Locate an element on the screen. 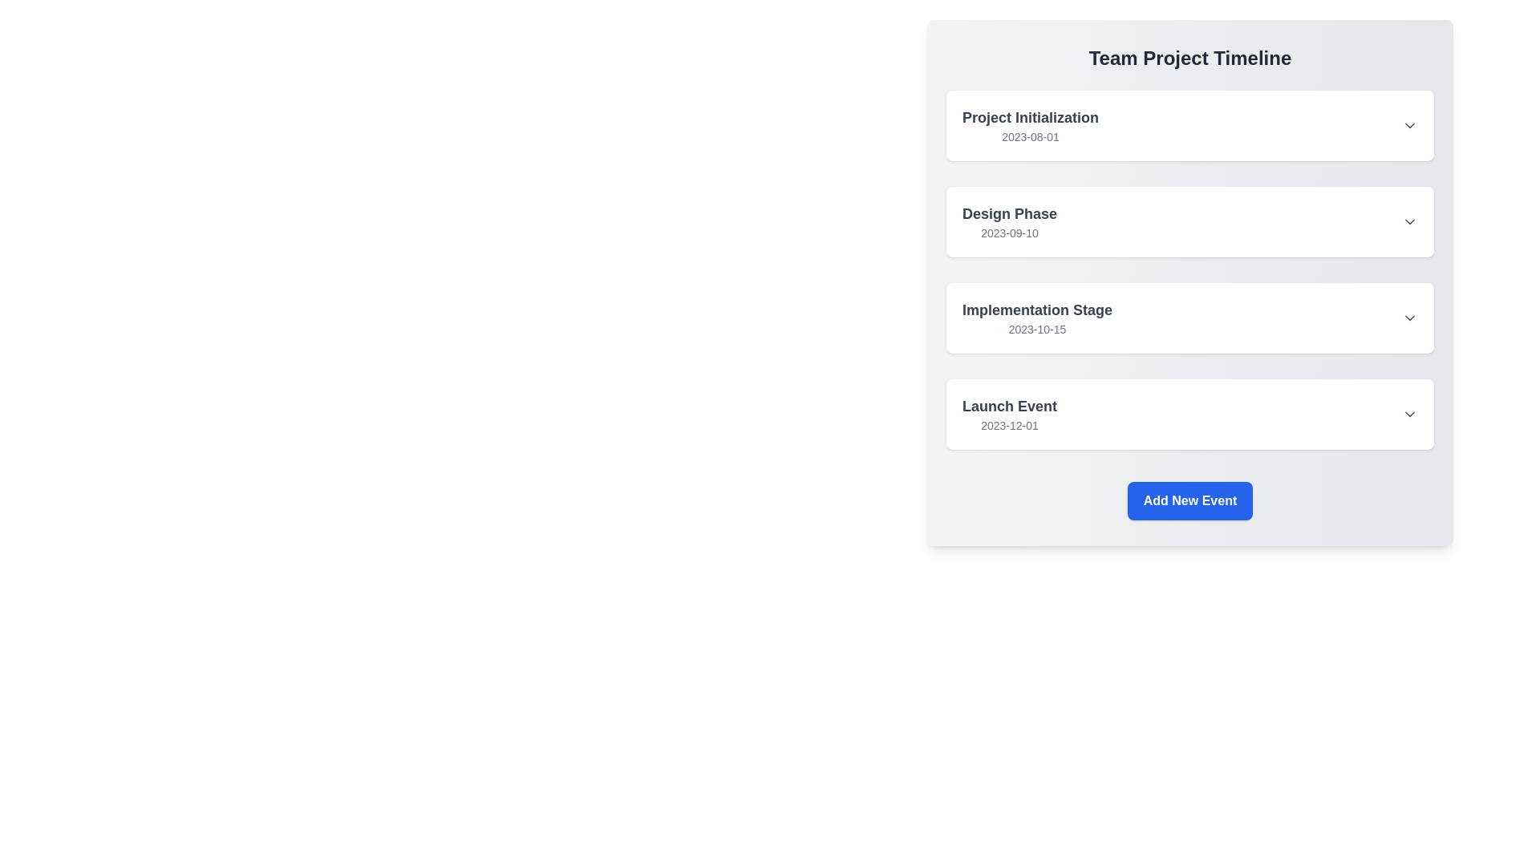 This screenshot has height=866, width=1540. the static text label 'Design Phase' located at the top of the second card in a vertical stack of four cards, which helps identify the current stage of the project timeline is located at coordinates (1008, 212).